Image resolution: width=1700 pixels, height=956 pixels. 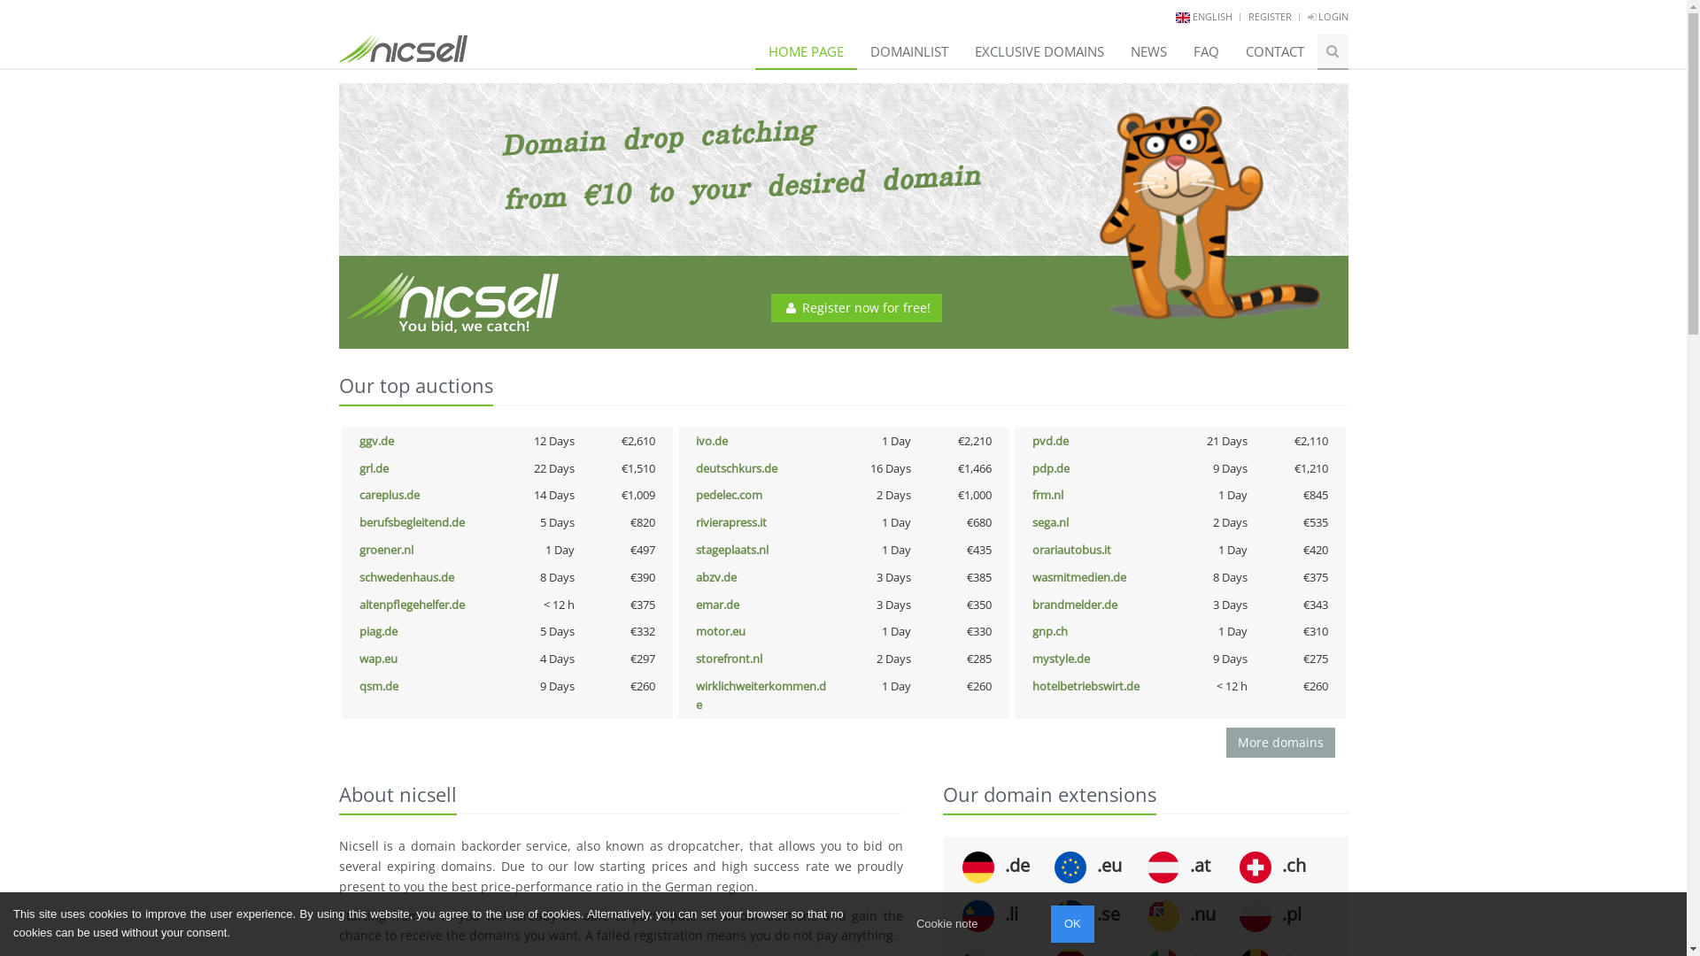 I want to click on 'grl.de', so click(x=373, y=466).